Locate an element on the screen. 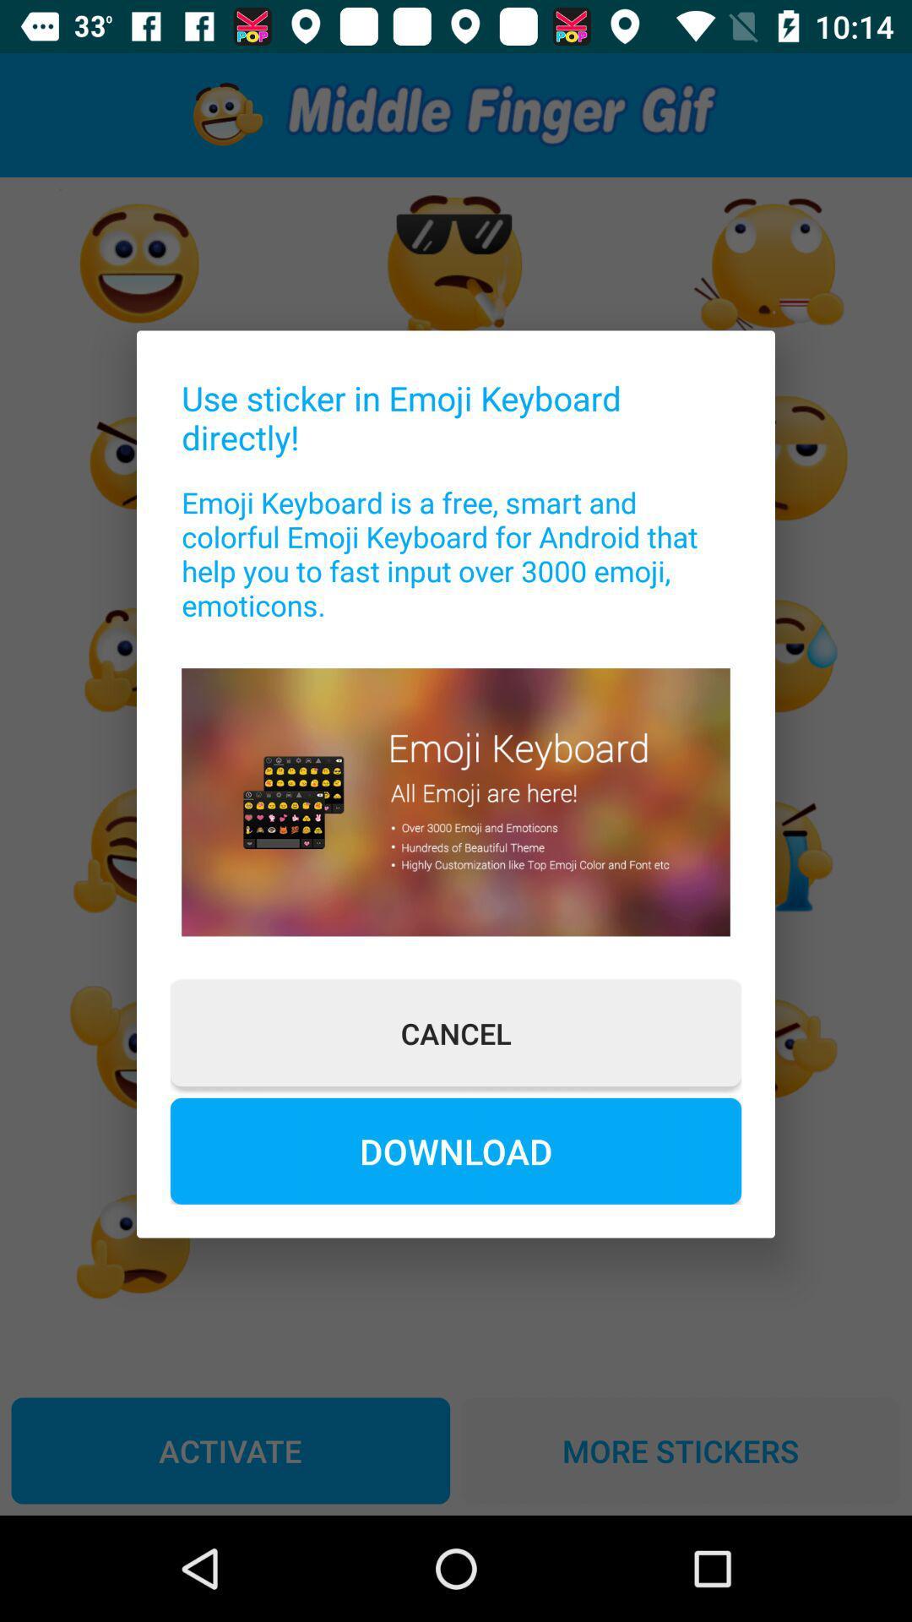 This screenshot has height=1622, width=912. the item below cancel item is located at coordinates (456, 1150).